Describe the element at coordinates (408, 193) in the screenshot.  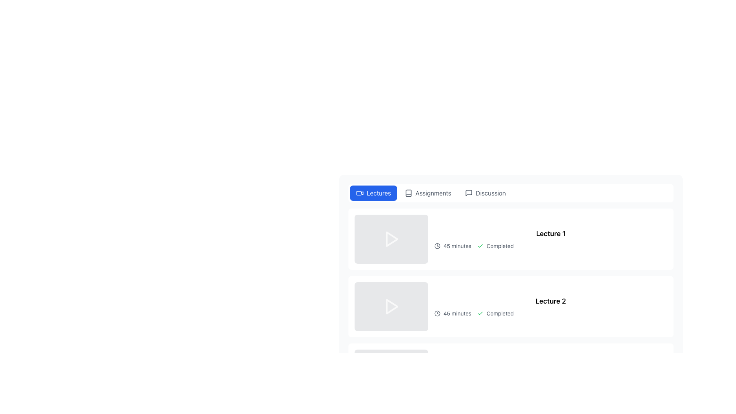
I see `the navigation icon located at the top left of the interface, which directs to a section related to courses or materials` at that location.